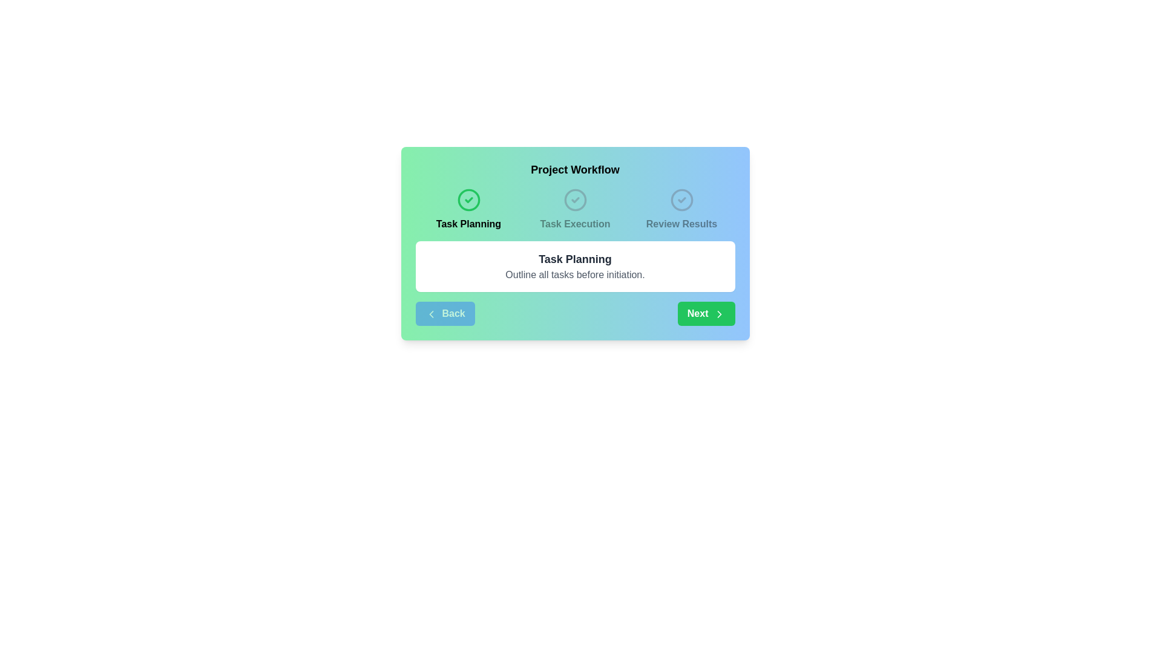 The image size is (1162, 653). Describe the element at coordinates (444, 313) in the screenshot. I see `the 'Back' button to navigate to the previous step` at that location.